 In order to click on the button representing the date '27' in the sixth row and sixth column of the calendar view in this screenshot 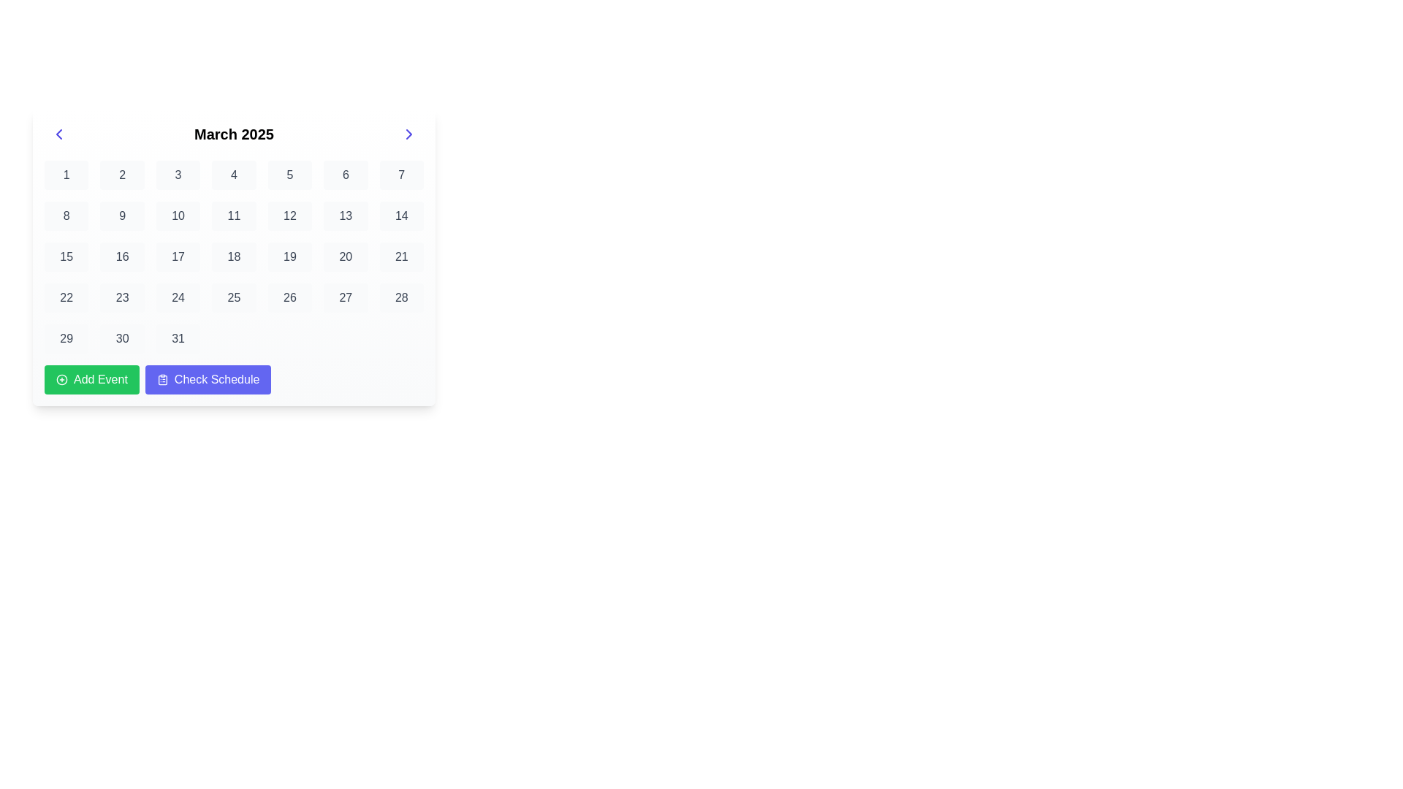, I will do `click(345, 297)`.